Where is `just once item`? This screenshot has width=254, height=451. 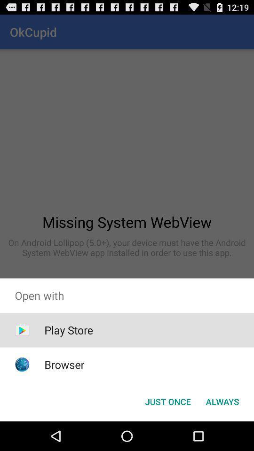
just once item is located at coordinates (167, 401).